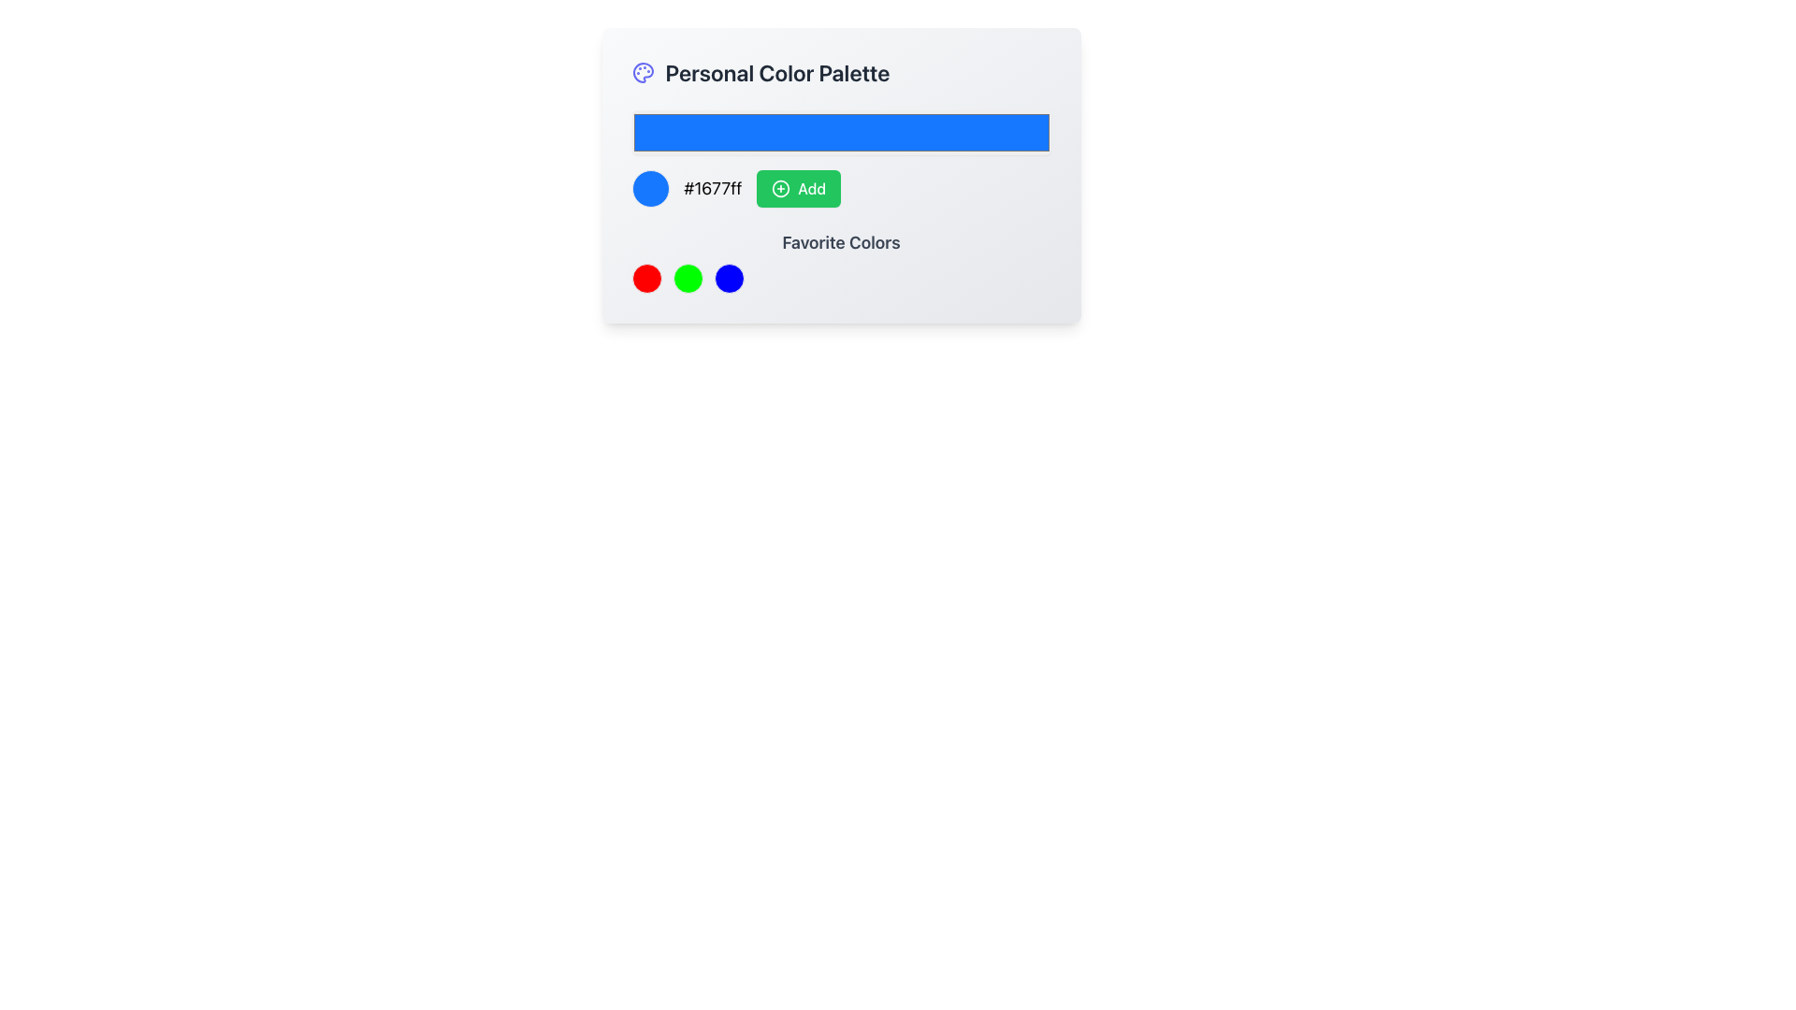 The height and width of the screenshot is (1010, 1796). I want to click on the Text Label that serves as a heading for the section displaying user's selected or favorite colors, located near the center bottom of the 'Personal Color Palette' group, directly above the circular color samples, so click(840, 241).